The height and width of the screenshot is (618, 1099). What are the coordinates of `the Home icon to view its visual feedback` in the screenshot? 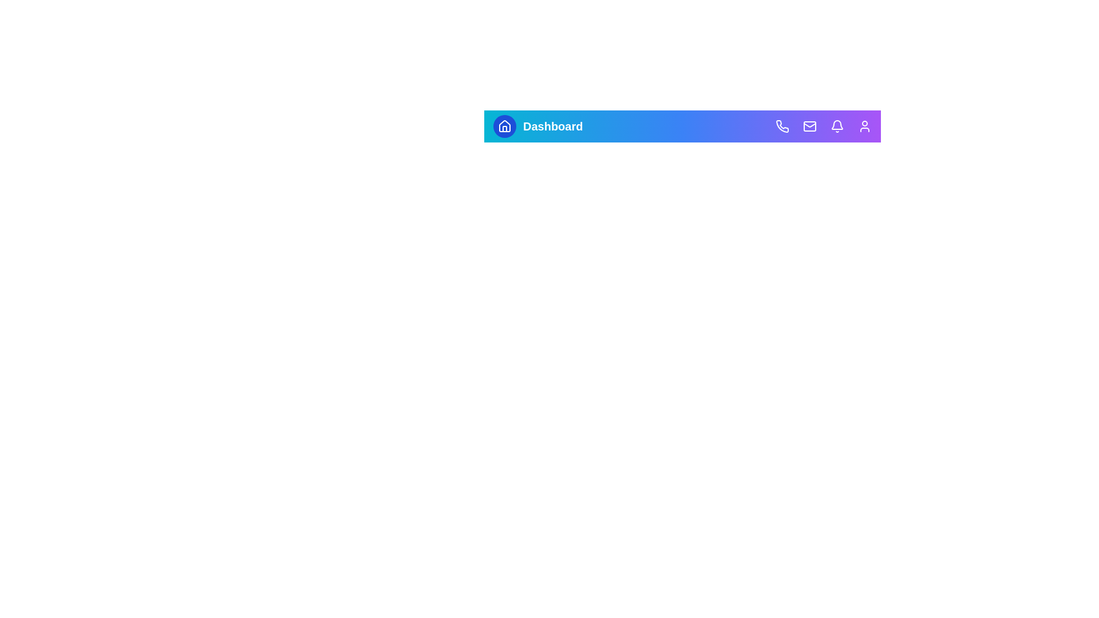 It's located at (504, 126).